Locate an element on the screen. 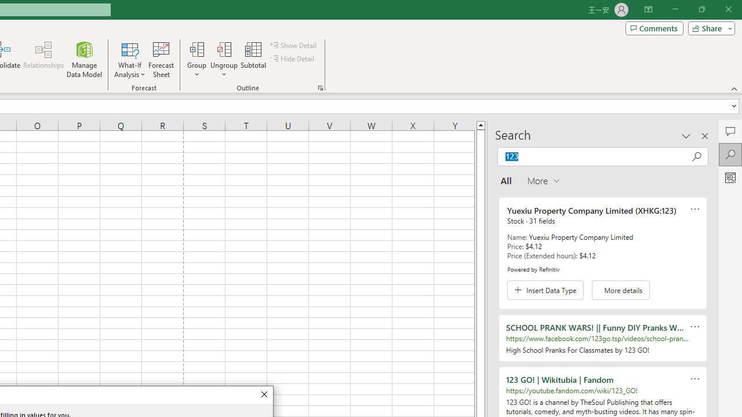  'What-If Analysis' is located at coordinates (130, 60).